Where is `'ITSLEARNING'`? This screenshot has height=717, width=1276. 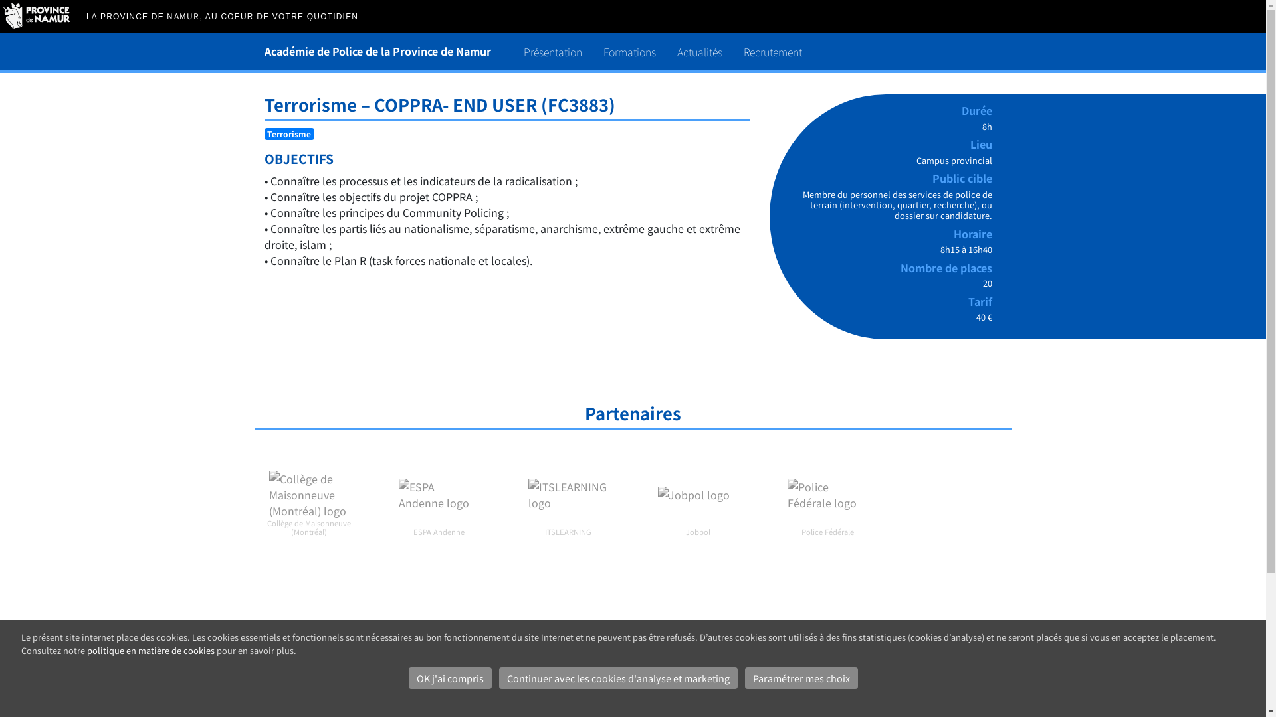
'ITSLEARNING' is located at coordinates (568, 495).